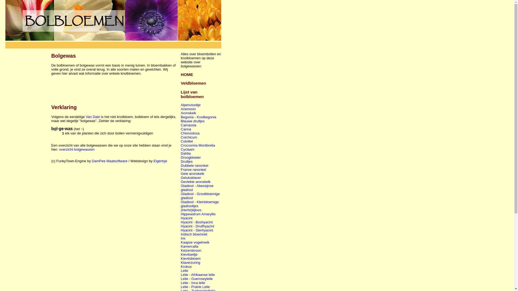  Describe the element at coordinates (199, 204) in the screenshot. I see `'Gladiool - Kleinbloemige gladiooltjes'` at that location.